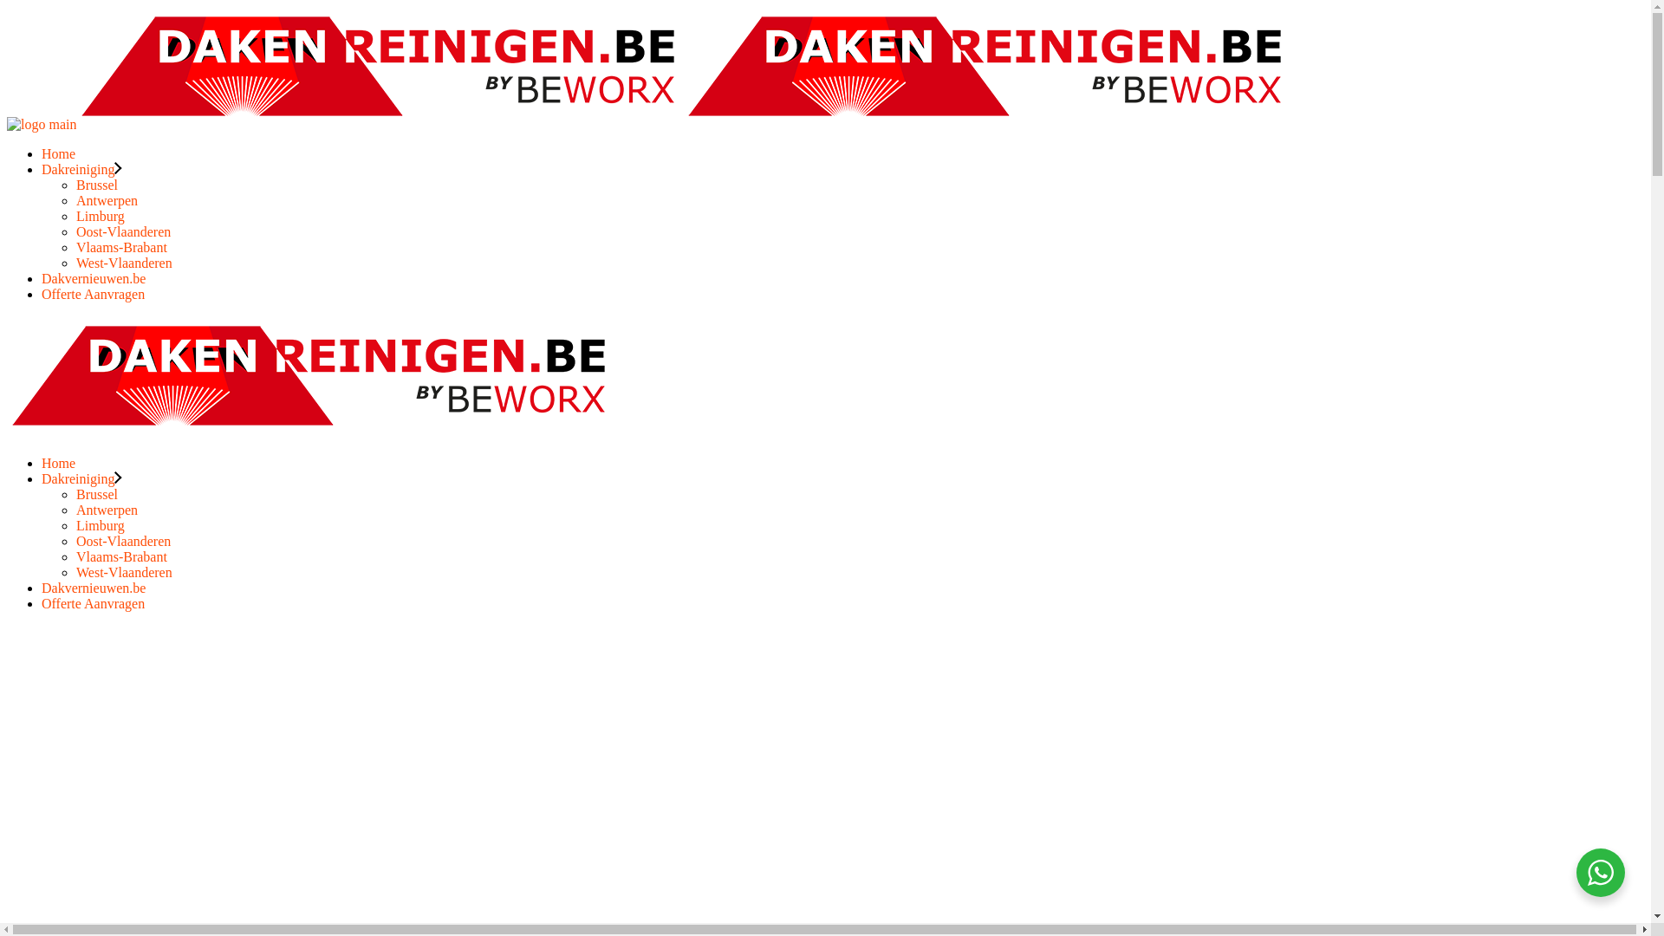 Image resolution: width=1664 pixels, height=936 pixels. What do you see at coordinates (92, 602) in the screenshot?
I see `'Offerte Aanvragen'` at bounding box center [92, 602].